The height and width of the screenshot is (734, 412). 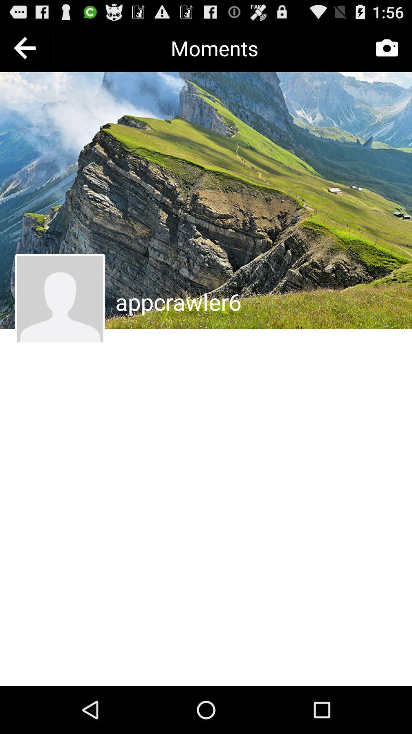 What do you see at coordinates (60, 299) in the screenshot?
I see `change profile picture` at bounding box center [60, 299].